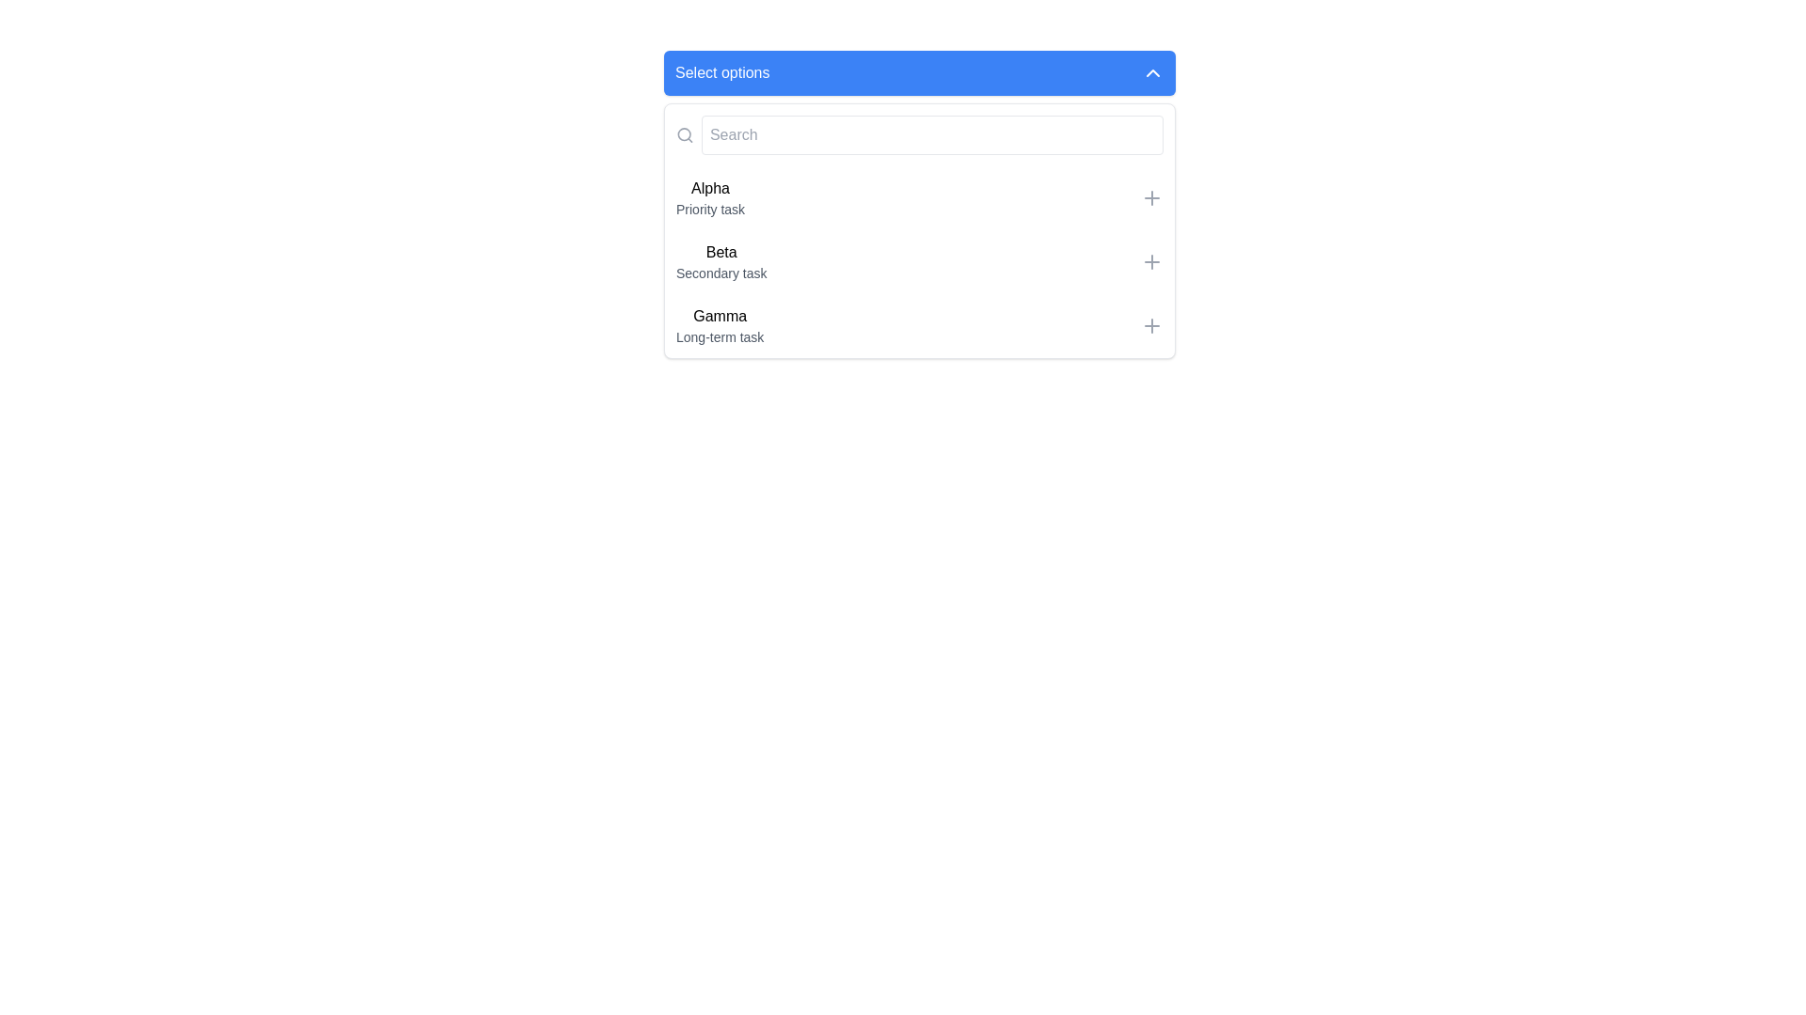  I want to click on the icon button located adjacent to the right edge of the 'Alpha Priority task' row, so click(1150, 198).